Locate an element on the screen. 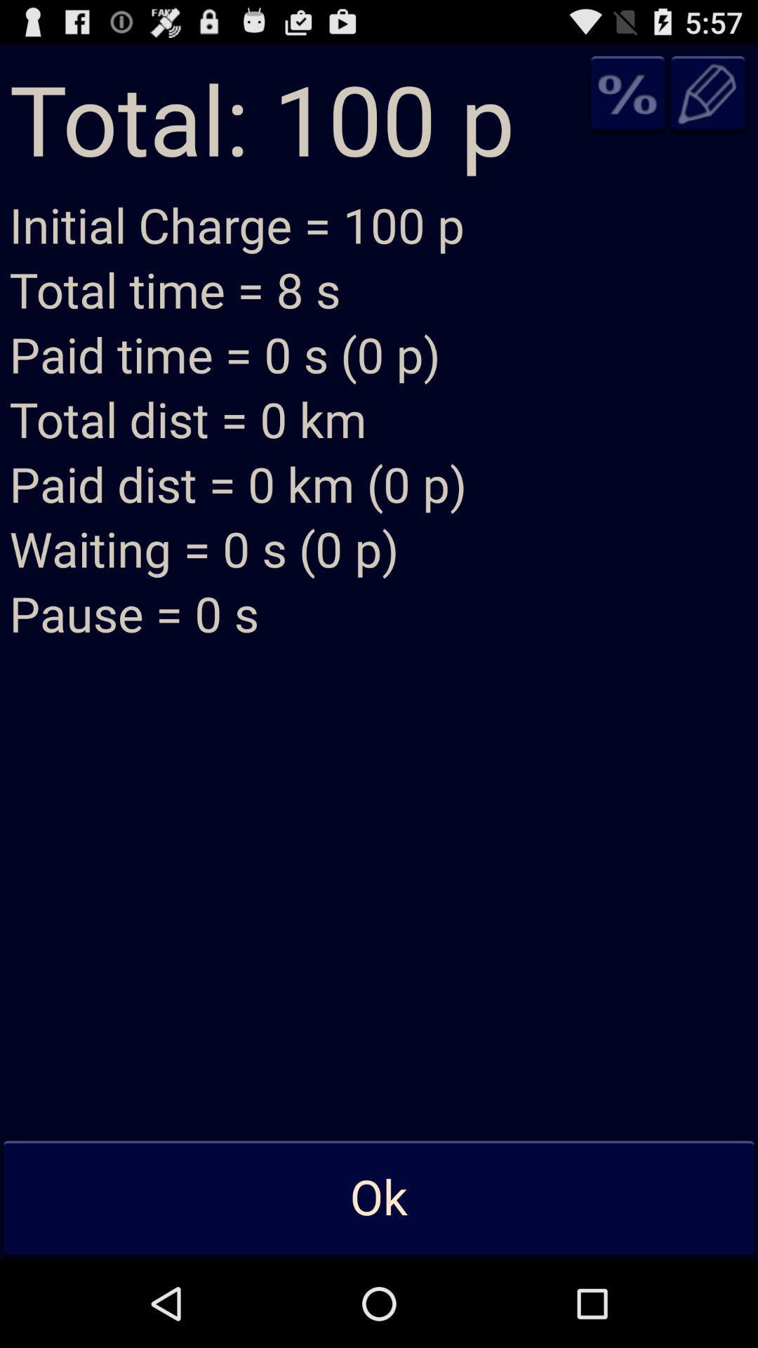  edit options is located at coordinates (708, 93).